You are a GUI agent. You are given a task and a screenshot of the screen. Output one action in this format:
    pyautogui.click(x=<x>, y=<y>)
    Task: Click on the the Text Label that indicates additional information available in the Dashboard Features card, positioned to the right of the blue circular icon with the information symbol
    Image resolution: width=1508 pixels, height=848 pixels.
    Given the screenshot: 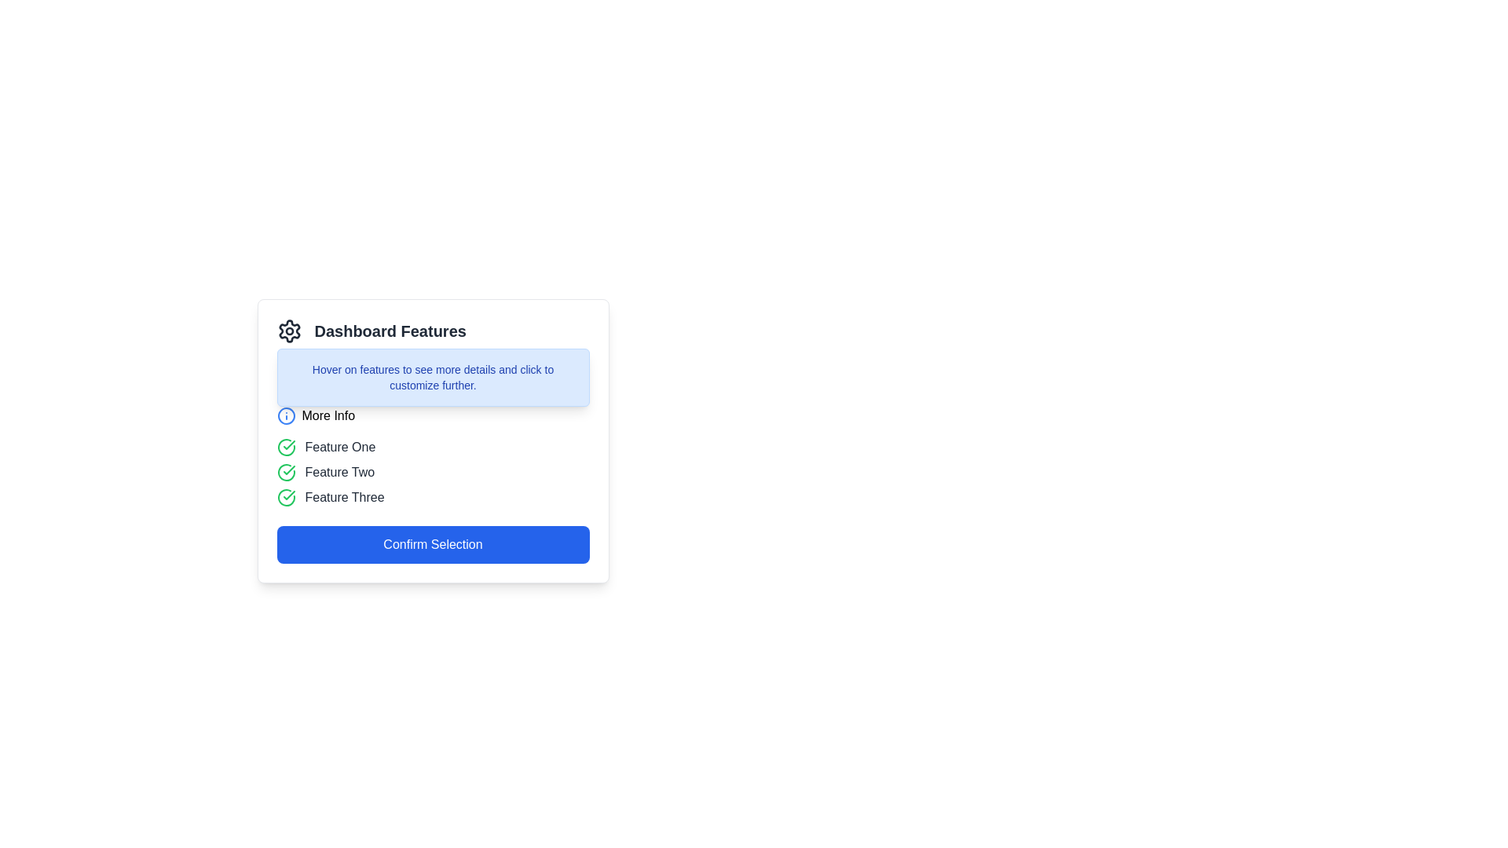 What is the action you would take?
    pyautogui.click(x=328, y=415)
    